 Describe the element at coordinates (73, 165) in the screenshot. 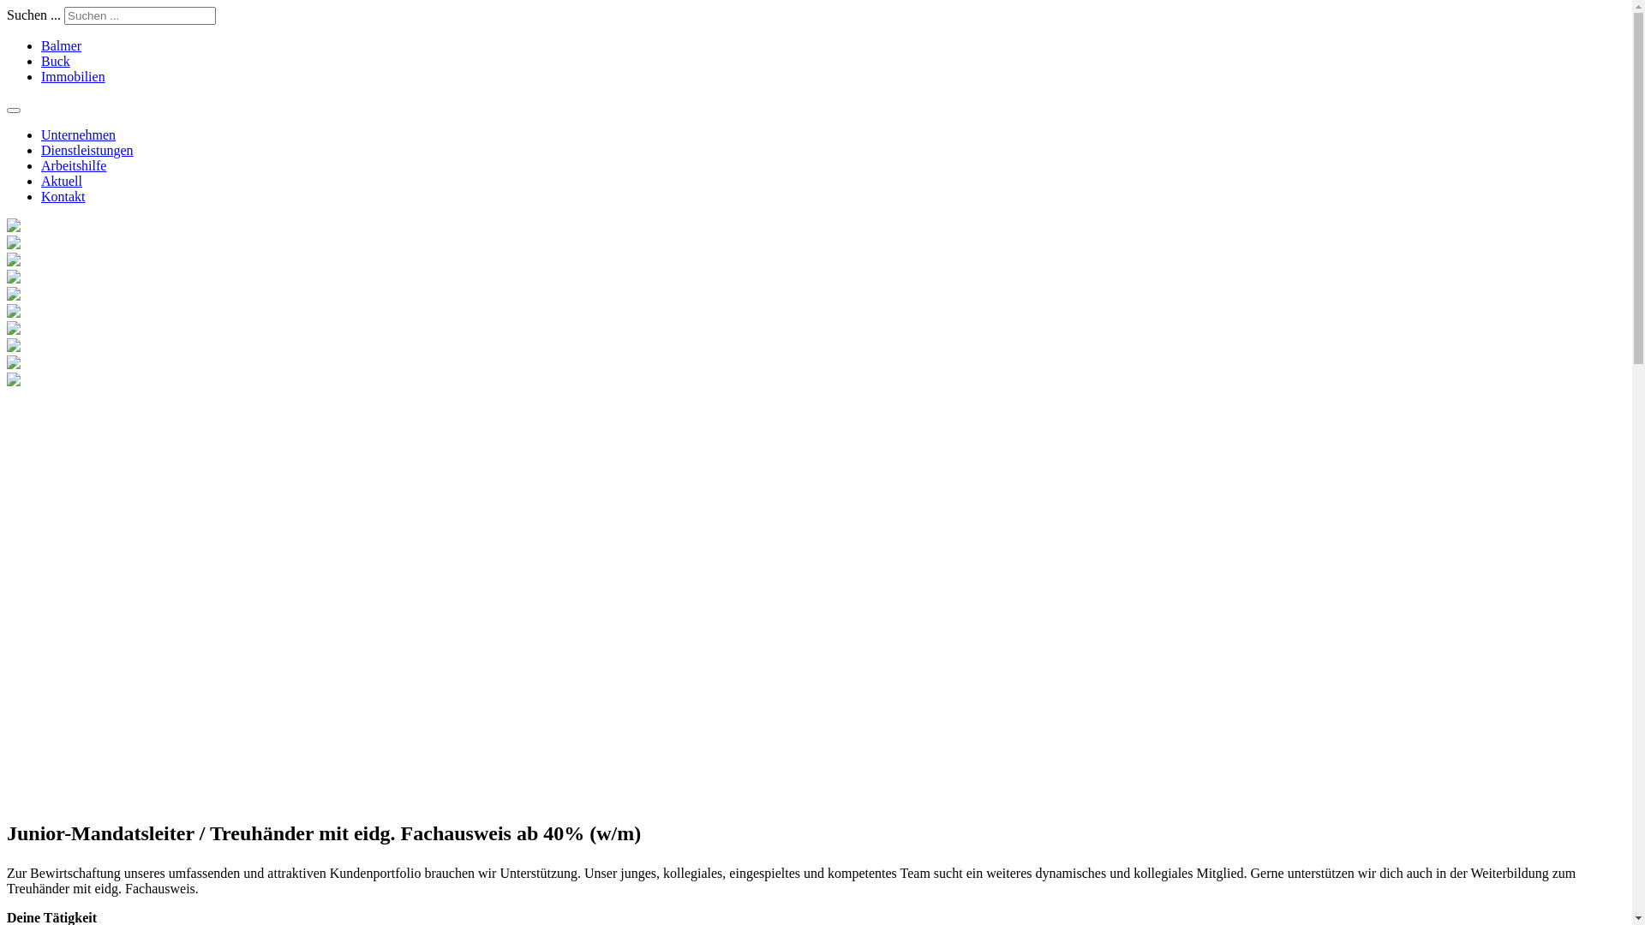

I see `'Arbeitshilfe'` at that location.